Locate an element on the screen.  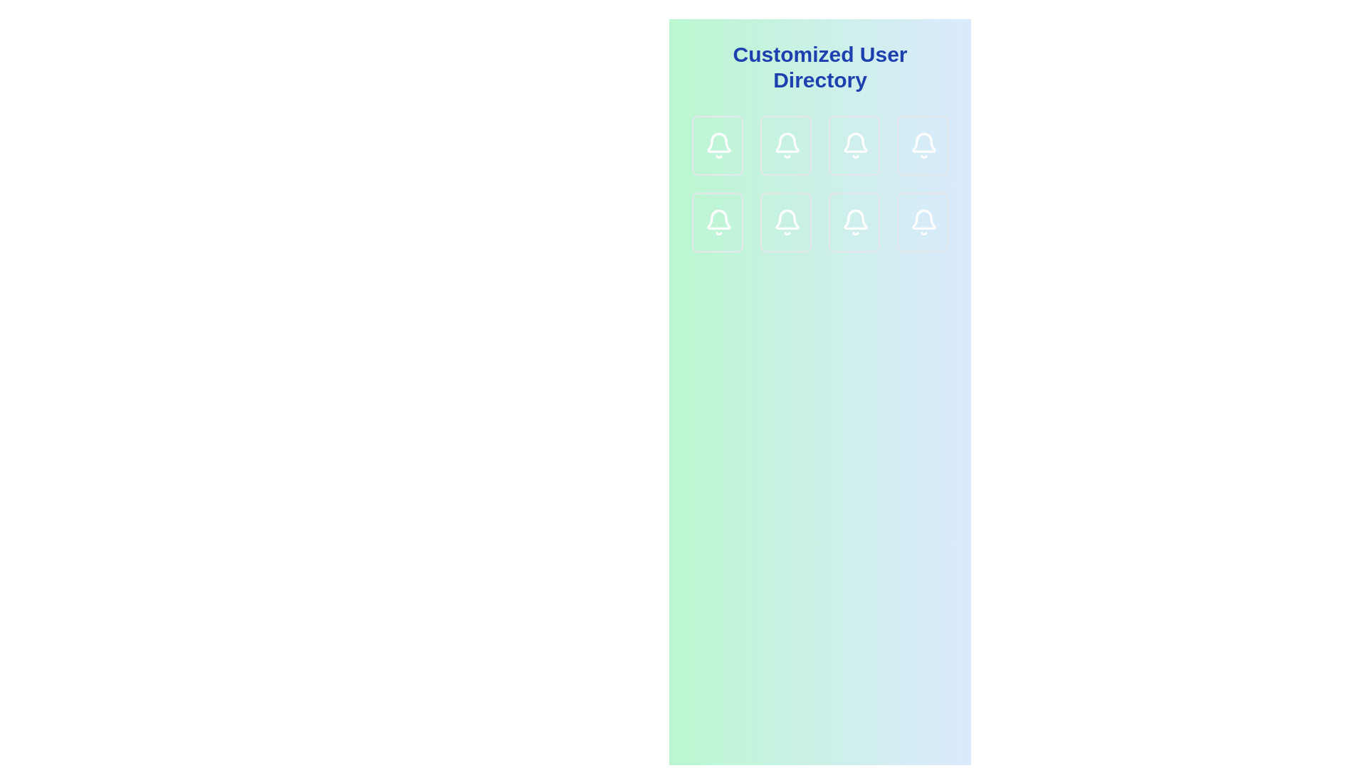
the notification button represented by a bell icon located in the top row, third column of a 4-column layout grid is located at coordinates (854, 145).